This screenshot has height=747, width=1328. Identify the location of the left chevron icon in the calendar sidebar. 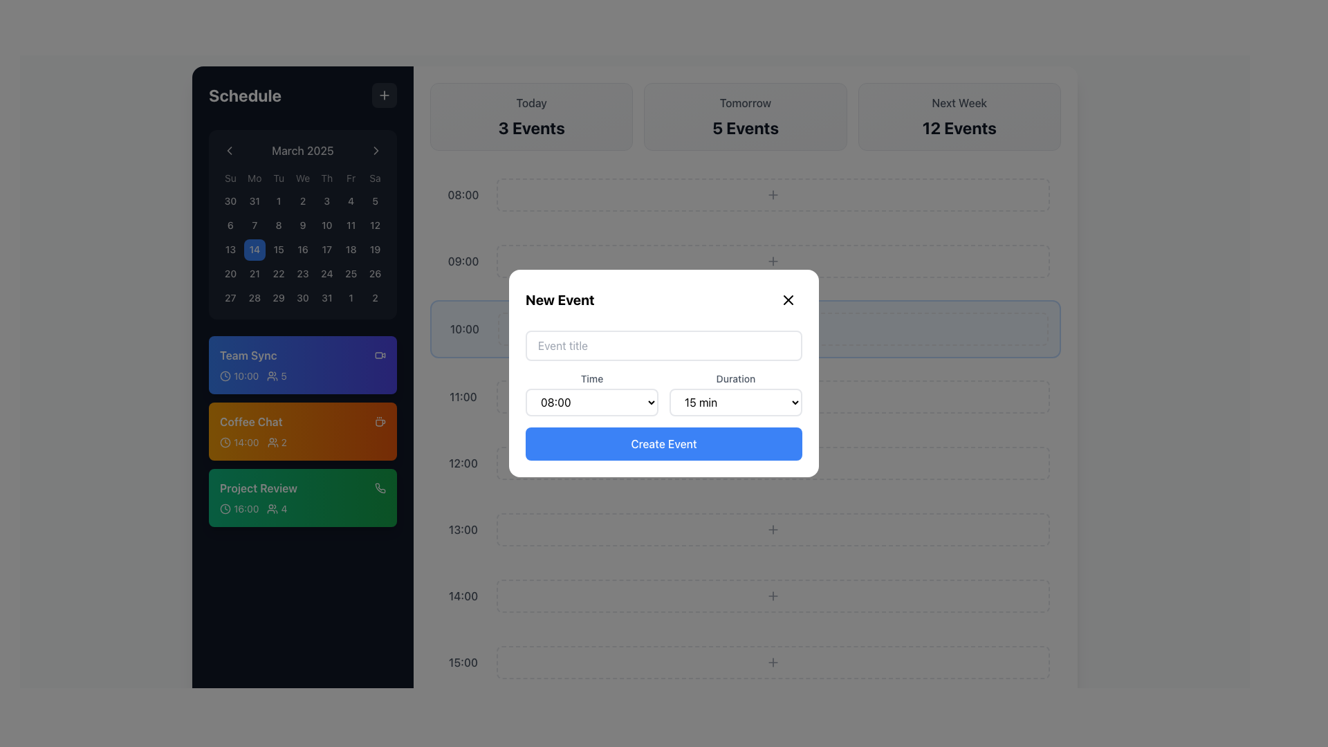
(229, 151).